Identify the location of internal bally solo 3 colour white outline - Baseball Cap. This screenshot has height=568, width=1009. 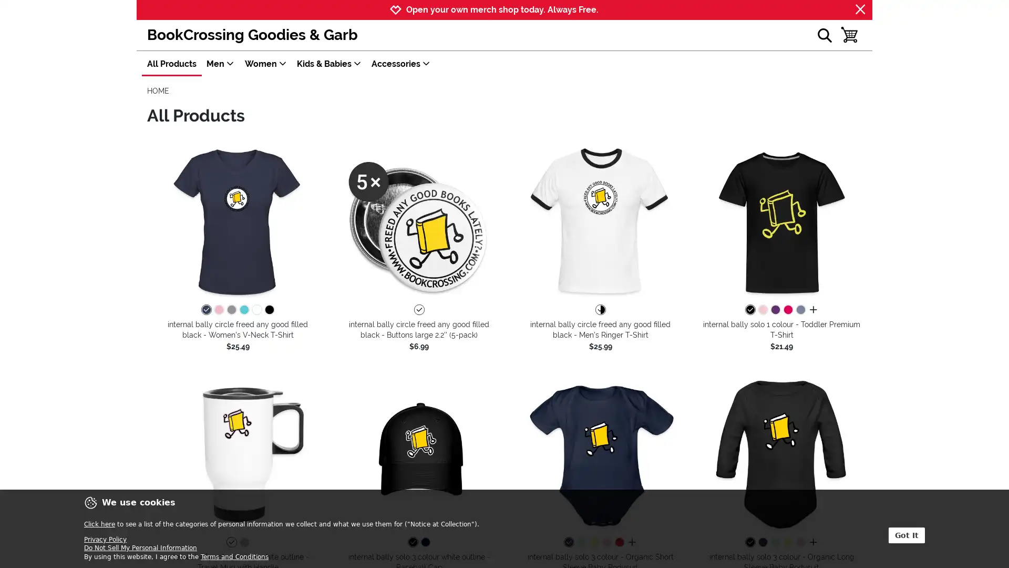
(418, 453).